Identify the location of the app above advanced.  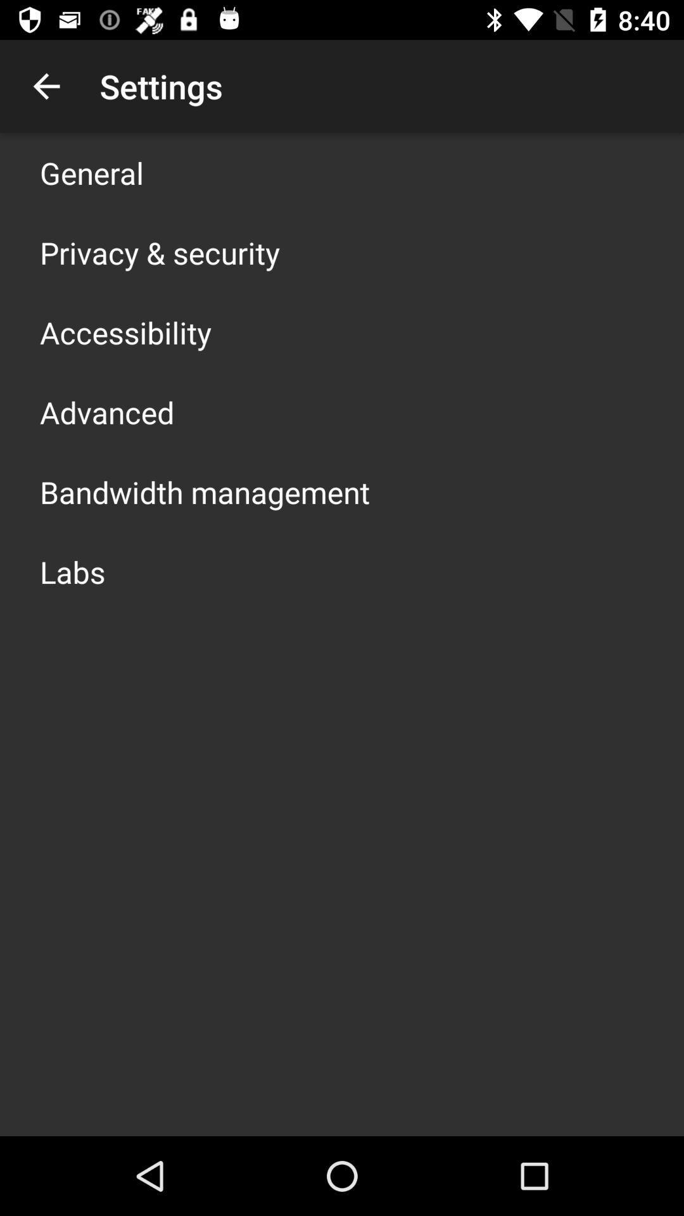
(125, 332).